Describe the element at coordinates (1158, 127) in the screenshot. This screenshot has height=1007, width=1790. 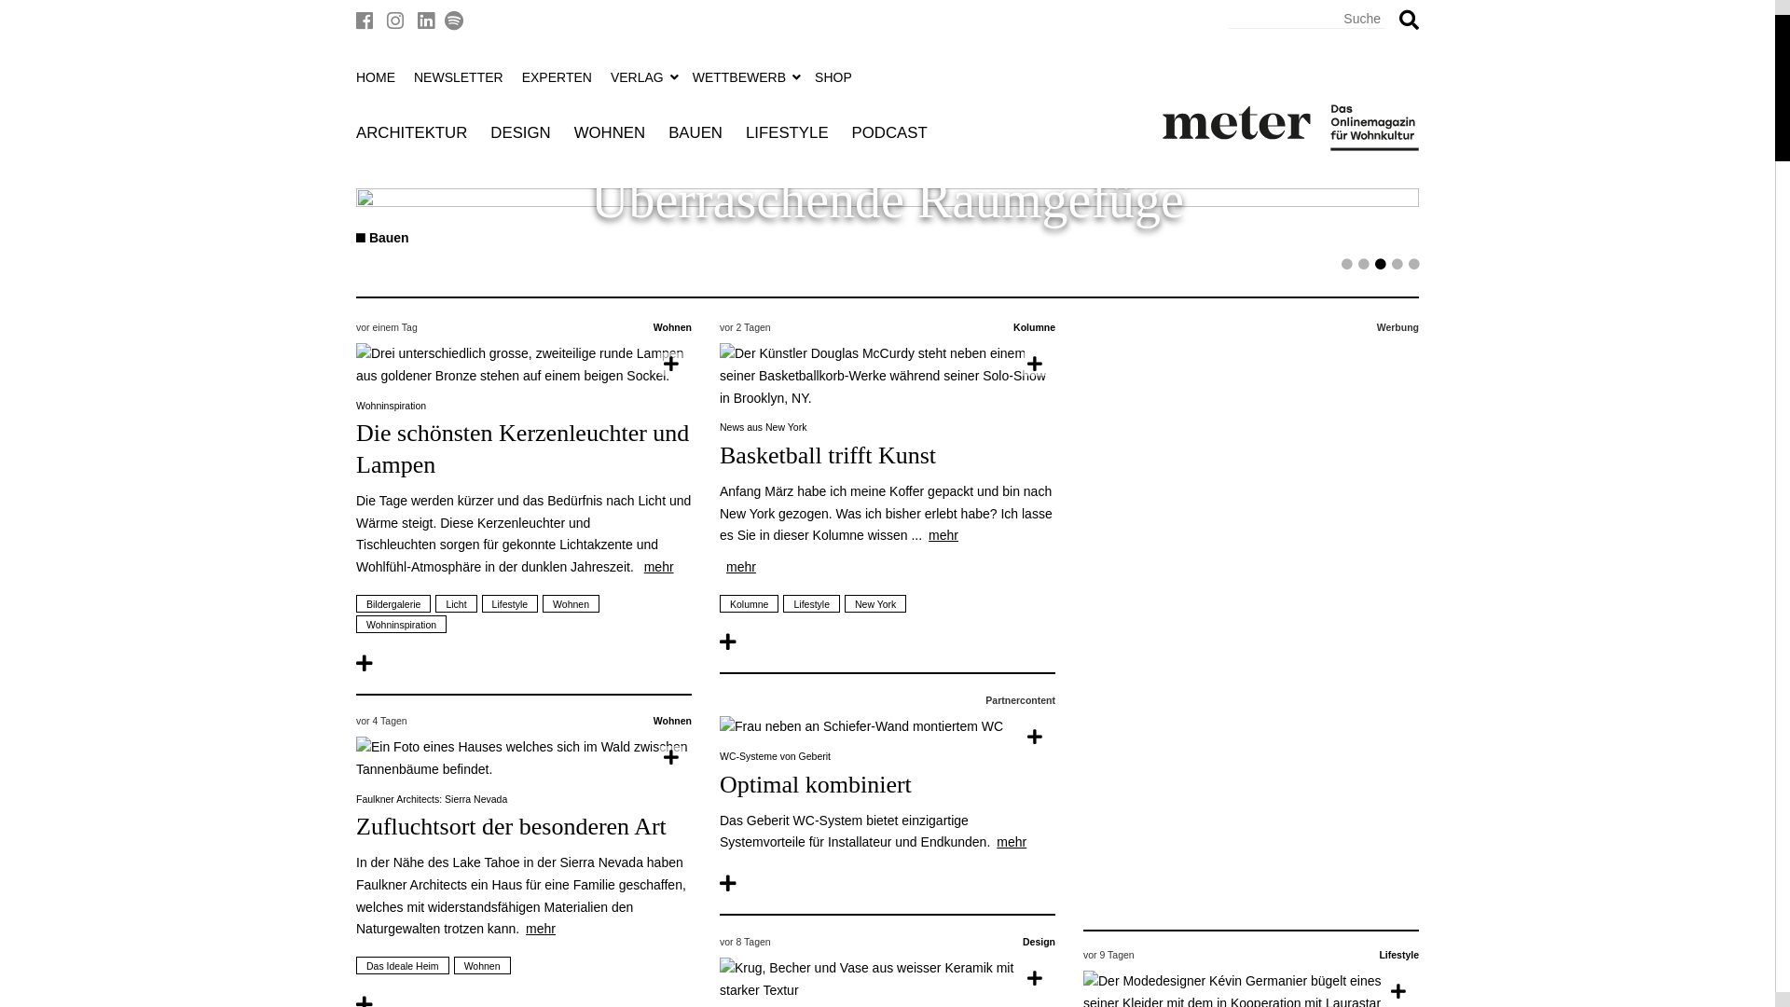
I see `'meter'` at that location.